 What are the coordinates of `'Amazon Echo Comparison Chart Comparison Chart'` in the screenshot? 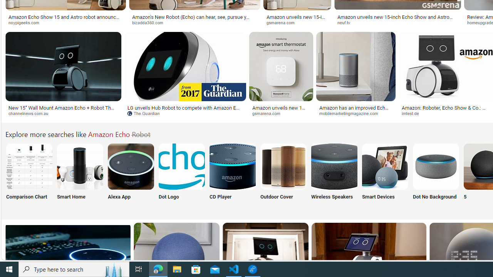 It's located at (29, 176).